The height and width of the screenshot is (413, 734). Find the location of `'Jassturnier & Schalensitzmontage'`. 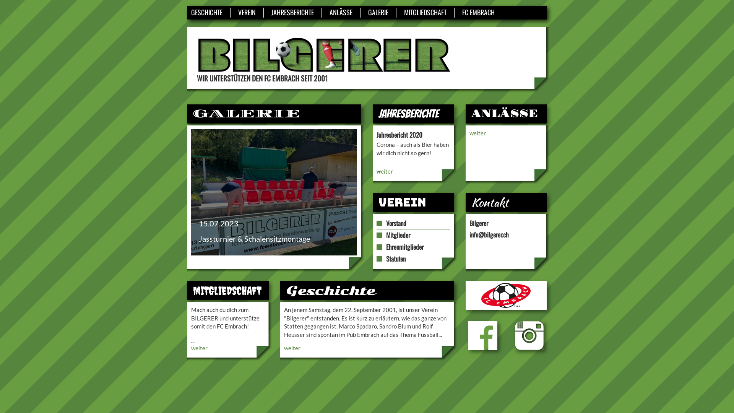

'Jassturnier & Schalensitzmontage' is located at coordinates (274, 192).